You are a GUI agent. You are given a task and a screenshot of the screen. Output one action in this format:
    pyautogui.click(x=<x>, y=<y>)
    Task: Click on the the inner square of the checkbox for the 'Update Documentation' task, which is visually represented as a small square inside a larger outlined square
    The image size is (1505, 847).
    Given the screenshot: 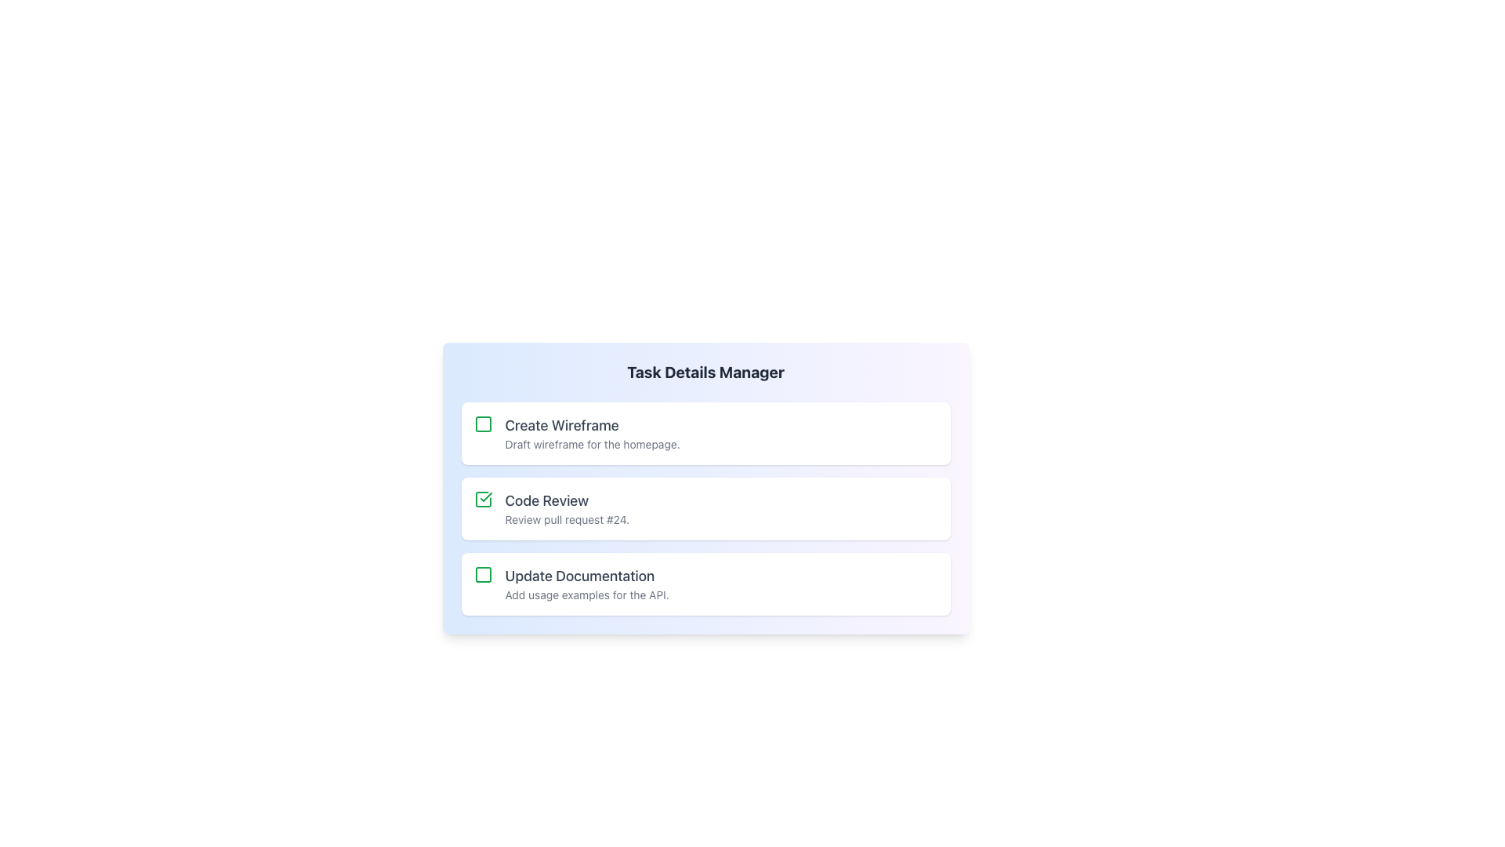 What is the action you would take?
    pyautogui.click(x=482, y=574)
    